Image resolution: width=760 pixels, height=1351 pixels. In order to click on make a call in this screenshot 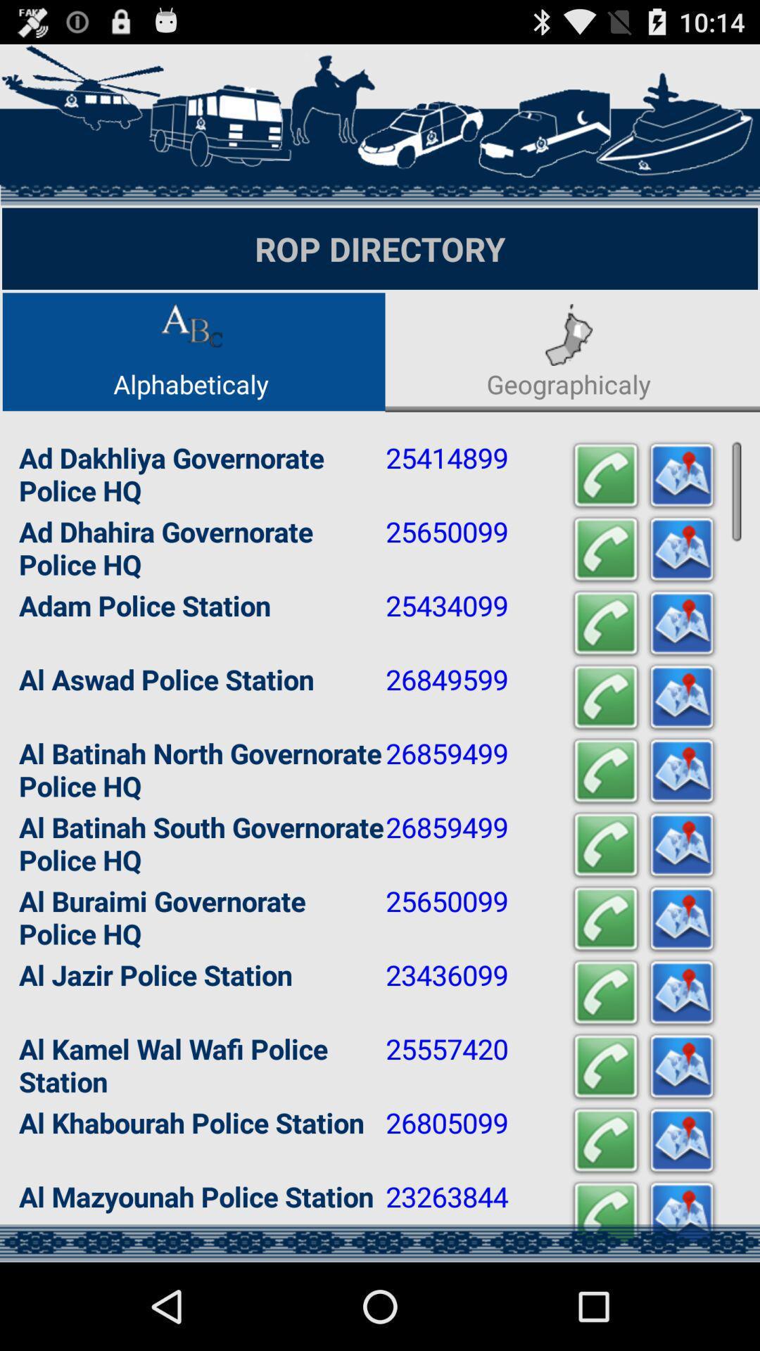, I will do `click(604, 1067)`.